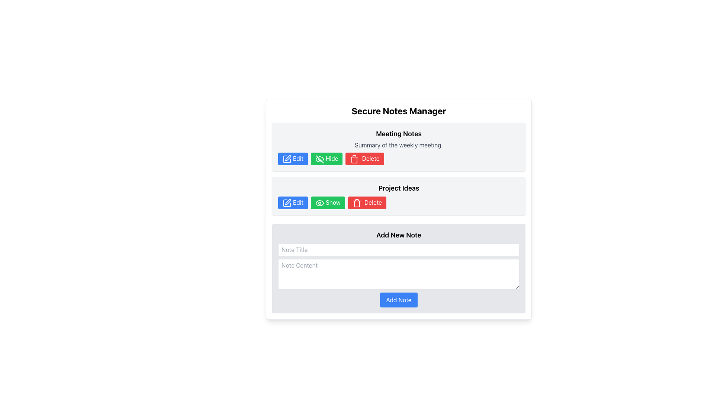  Describe the element at coordinates (398, 195) in the screenshot. I see `the 'Delete' button of the 'Project Ideas' note card within the 'Secure Notes Manager' interface` at that location.